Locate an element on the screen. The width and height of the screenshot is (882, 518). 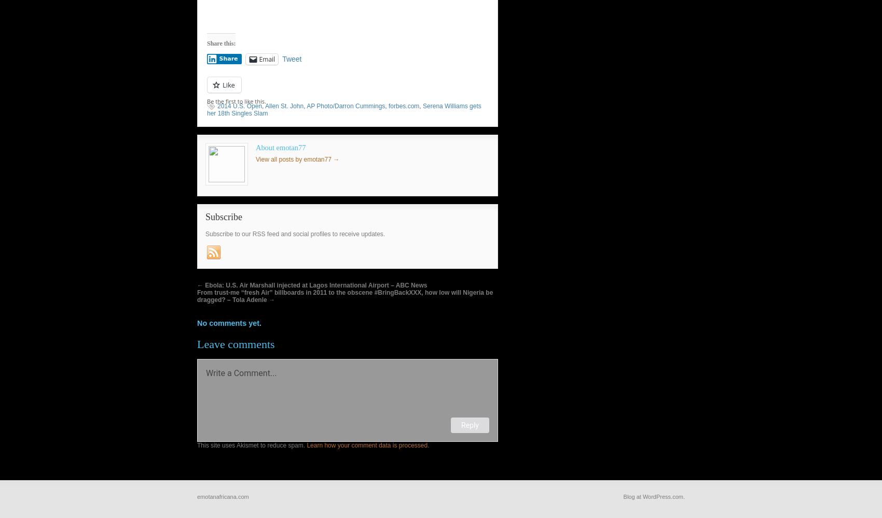
'AP Photo/Darron Cummings' is located at coordinates (306, 105).